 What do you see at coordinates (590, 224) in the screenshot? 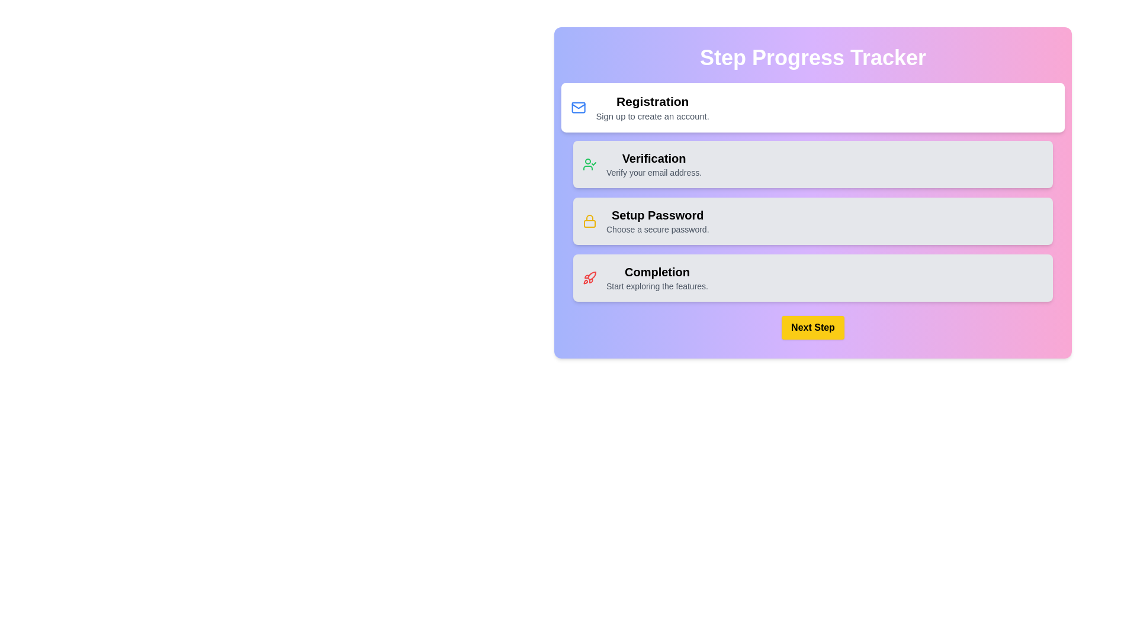
I see `the lower rectangular component of the lock icon, which visually represents the secure part of the lock and symbolizes security or restricted access` at bounding box center [590, 224].